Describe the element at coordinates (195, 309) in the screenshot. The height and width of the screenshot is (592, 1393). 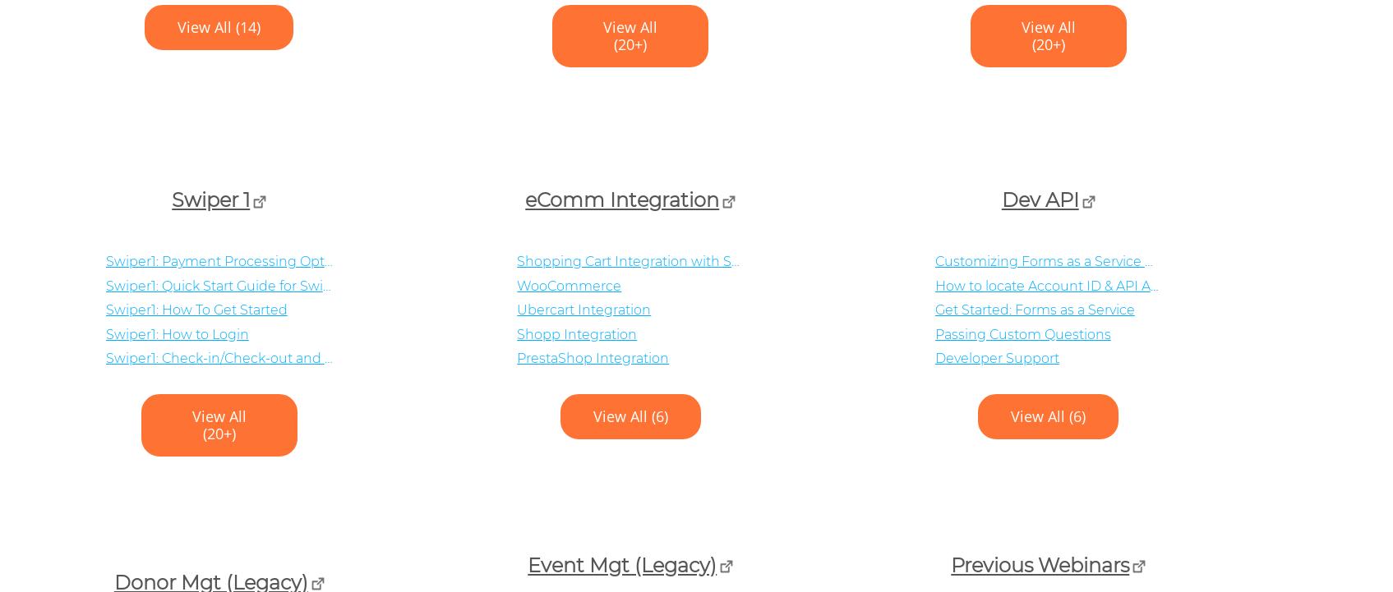
I see `'Swiper1: How To Get Started'` at that location.